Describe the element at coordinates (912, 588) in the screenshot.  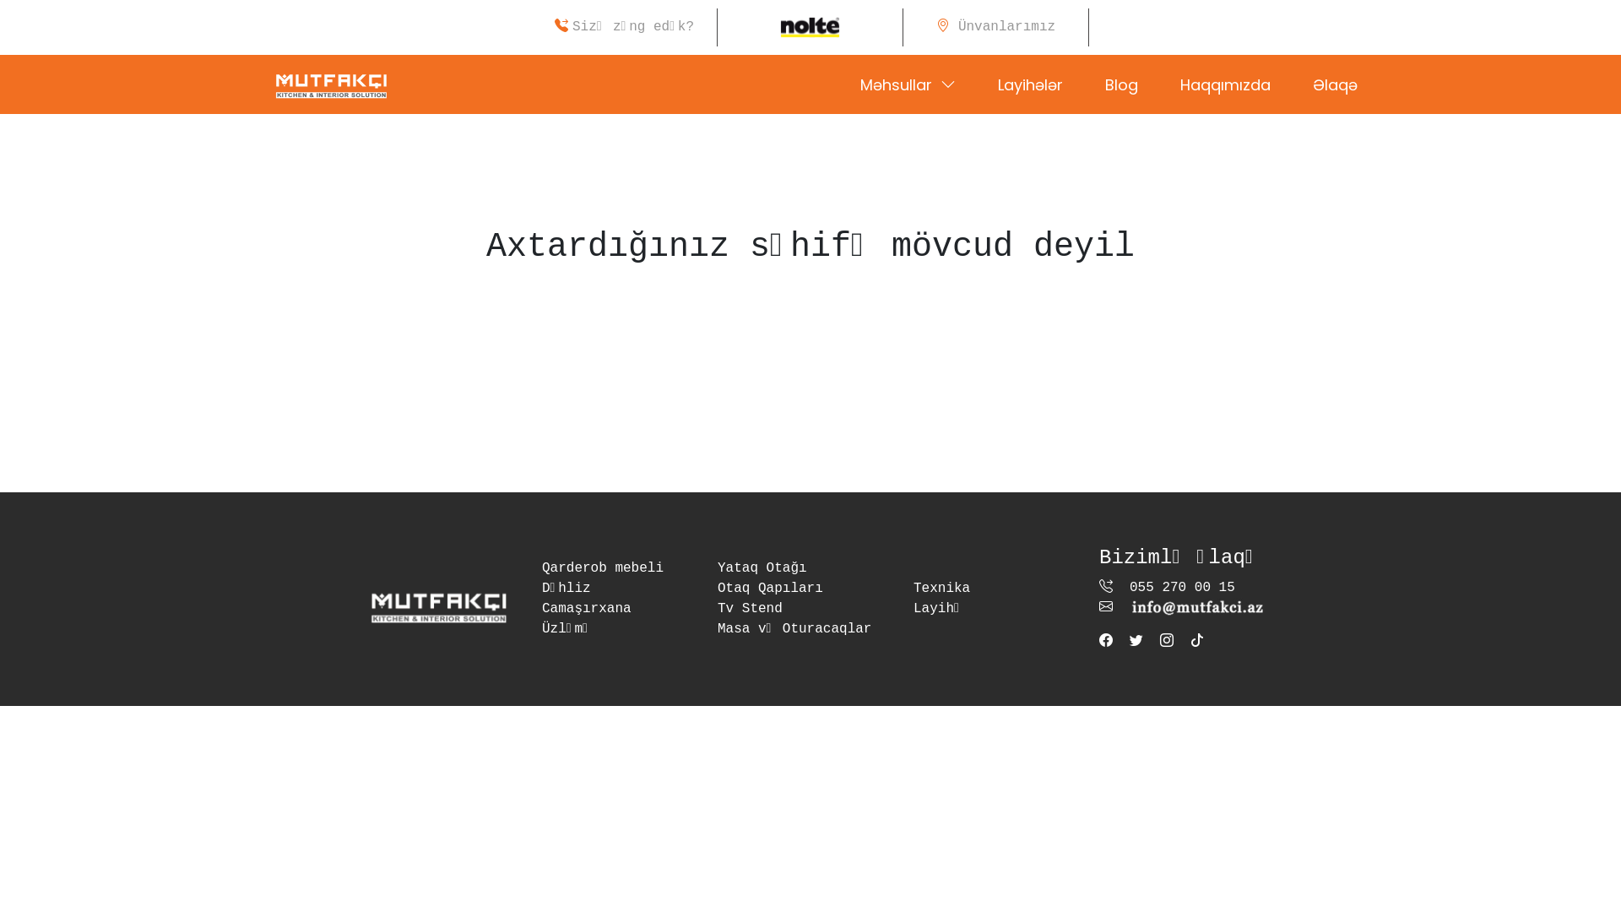
I see `'Texnika'` at that location.